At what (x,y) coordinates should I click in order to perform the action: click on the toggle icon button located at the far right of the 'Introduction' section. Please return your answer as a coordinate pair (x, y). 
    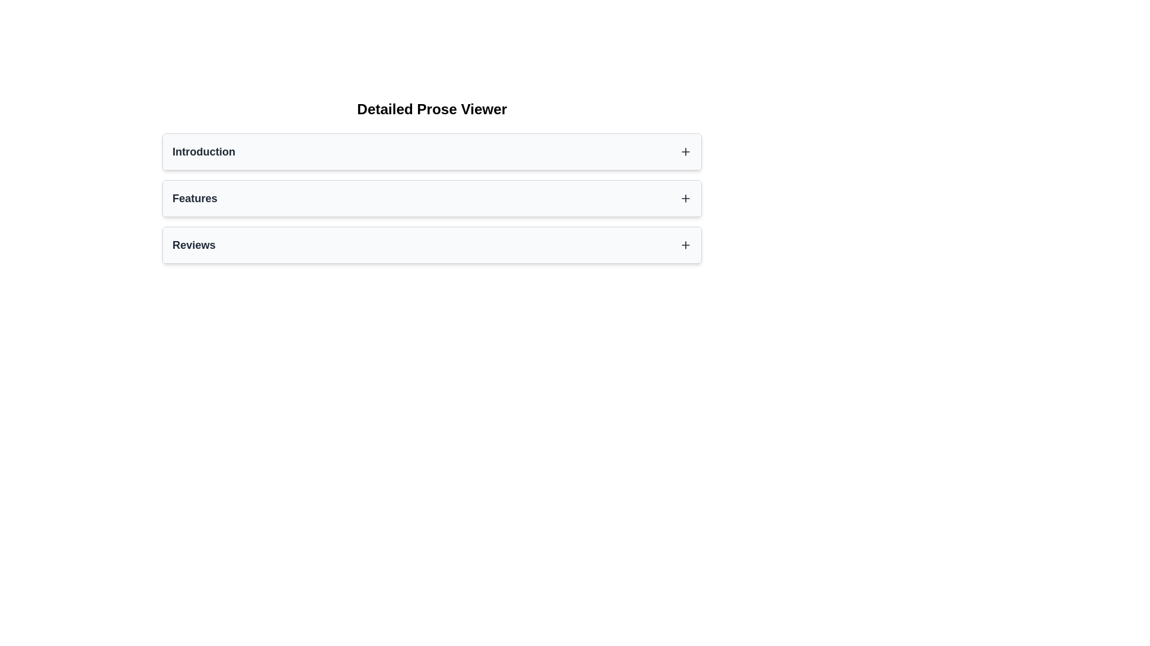
    Looking at the image, I should click on (686, 151).